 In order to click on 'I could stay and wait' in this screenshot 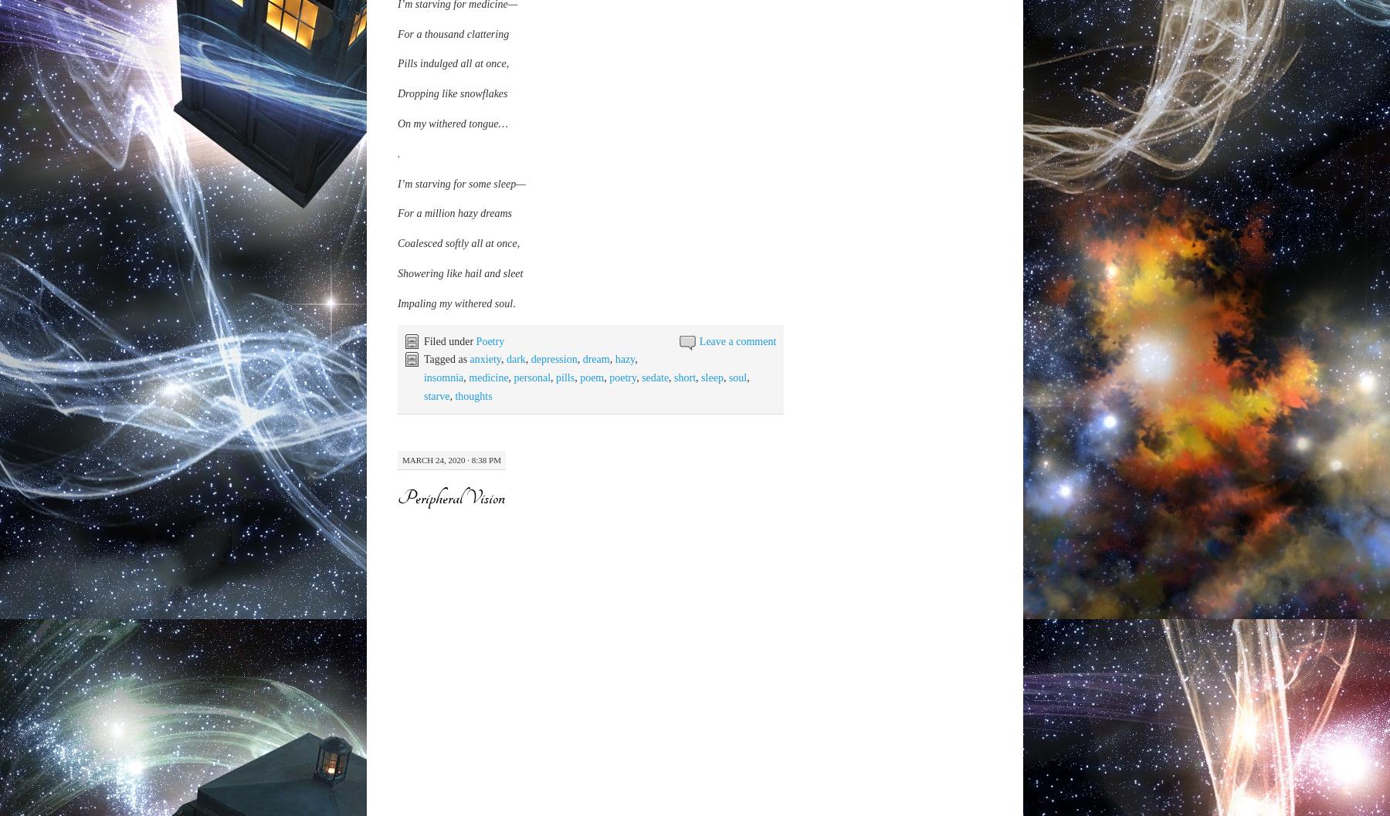, I will do `click(442, 716)`.